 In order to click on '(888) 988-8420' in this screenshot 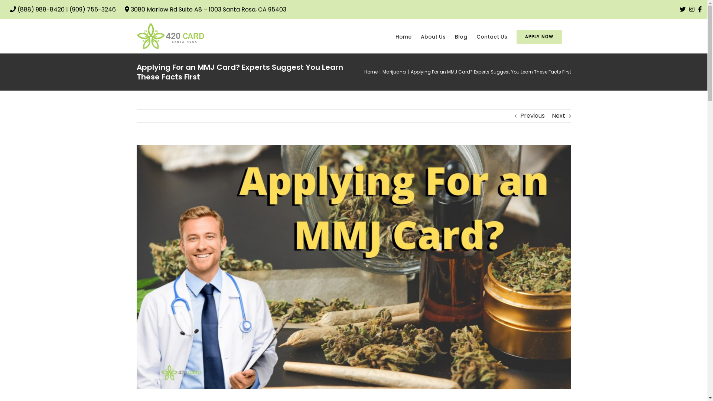, I will do `click(17, 9)`.